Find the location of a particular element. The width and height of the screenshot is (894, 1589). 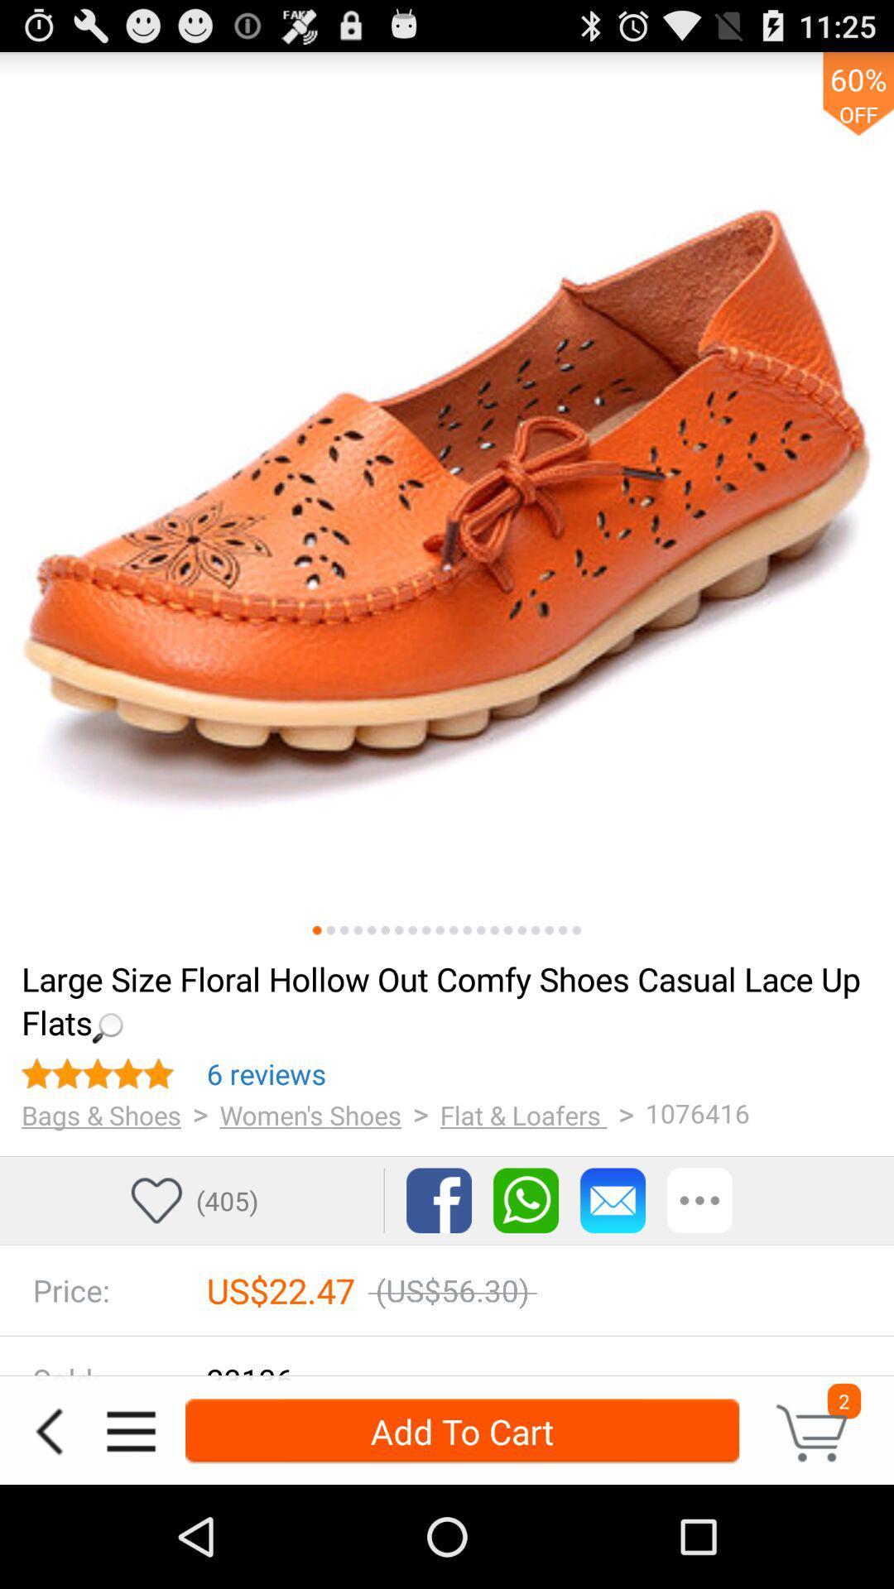

the item to the right of the > item is located at coordinates (523, 1115).